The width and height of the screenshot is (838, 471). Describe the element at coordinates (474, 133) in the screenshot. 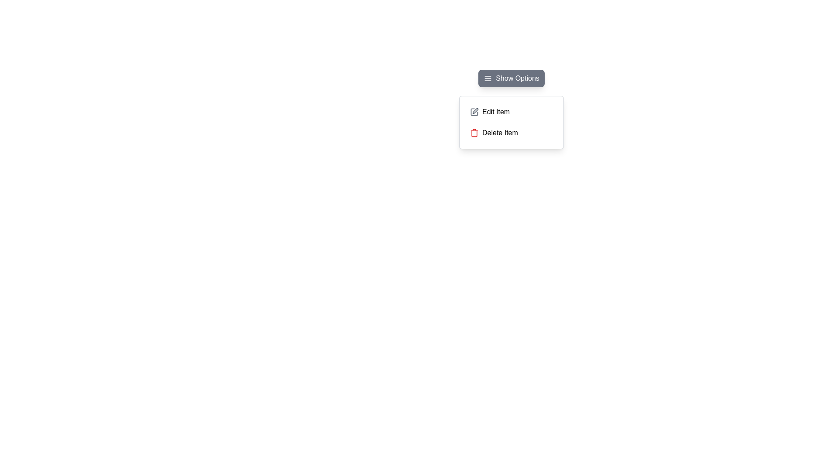

I see `the body of the trash icon, which is part of the delete action in the menu` at that location.